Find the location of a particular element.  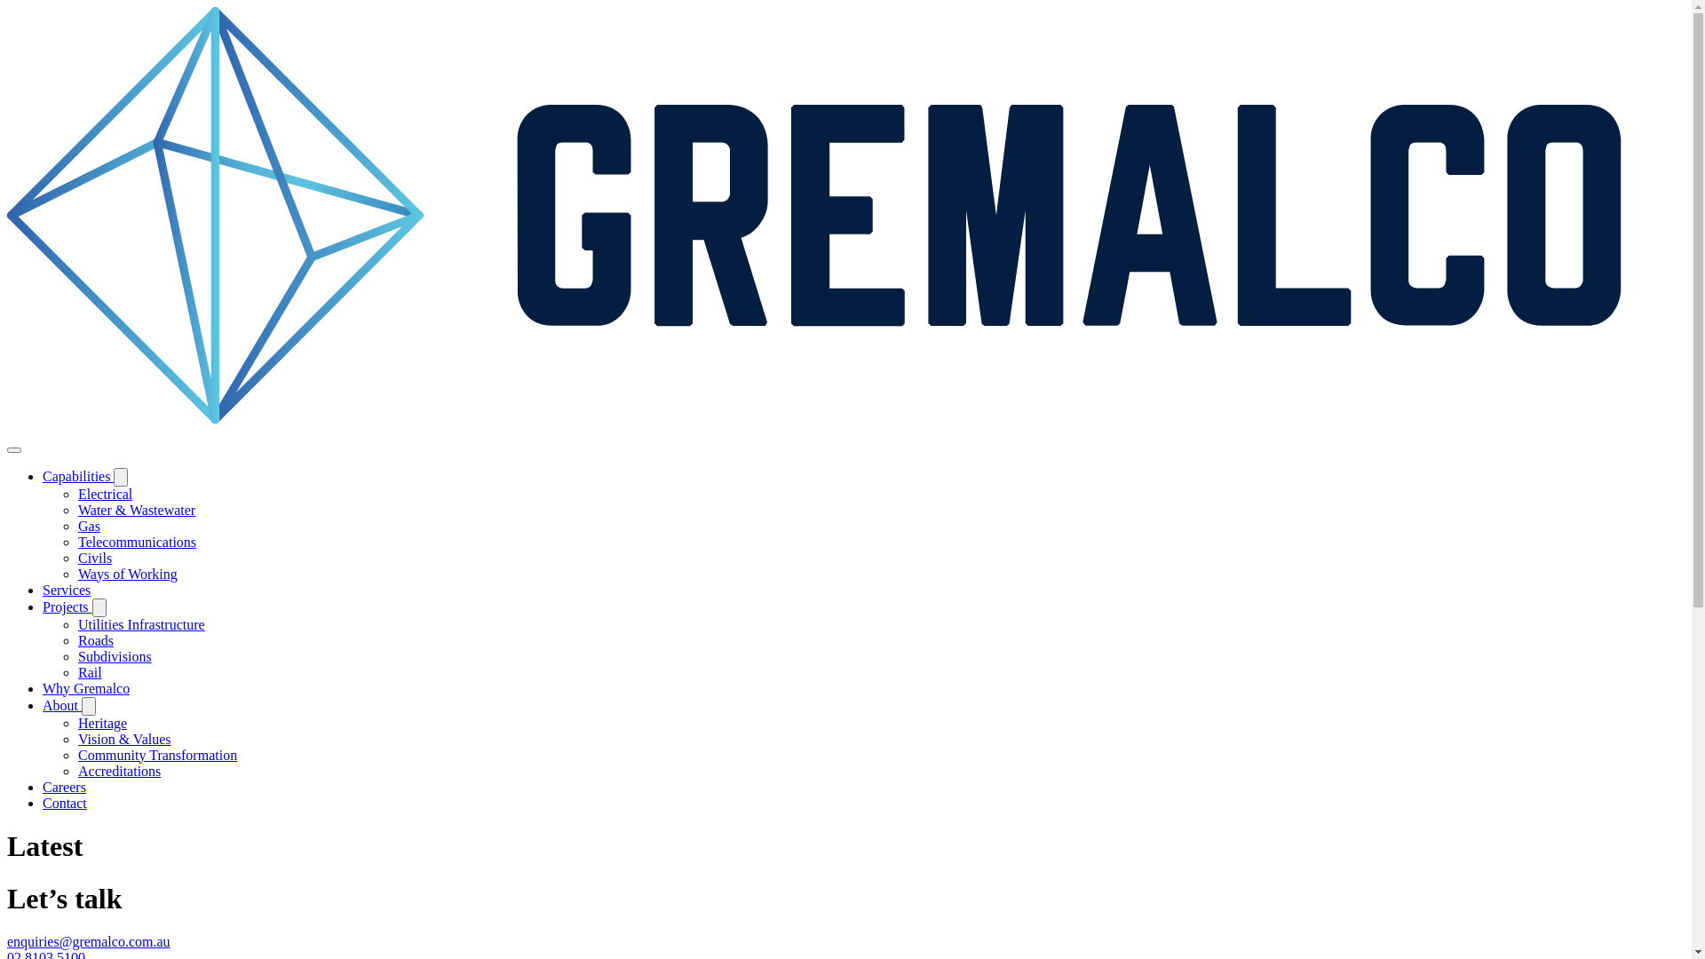

'Heritage' is located at coordinates (76, 723).